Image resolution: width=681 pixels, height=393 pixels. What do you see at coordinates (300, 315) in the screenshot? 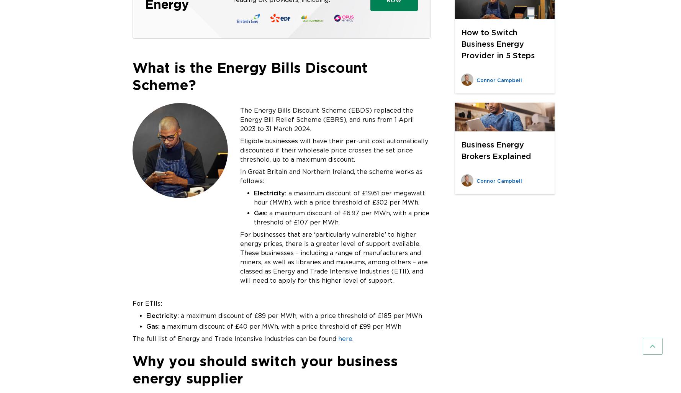
I see `'a maximum discount of £89 per MWh, with a price threshold of £185 per MWh'` at bounding box center [300, 315].